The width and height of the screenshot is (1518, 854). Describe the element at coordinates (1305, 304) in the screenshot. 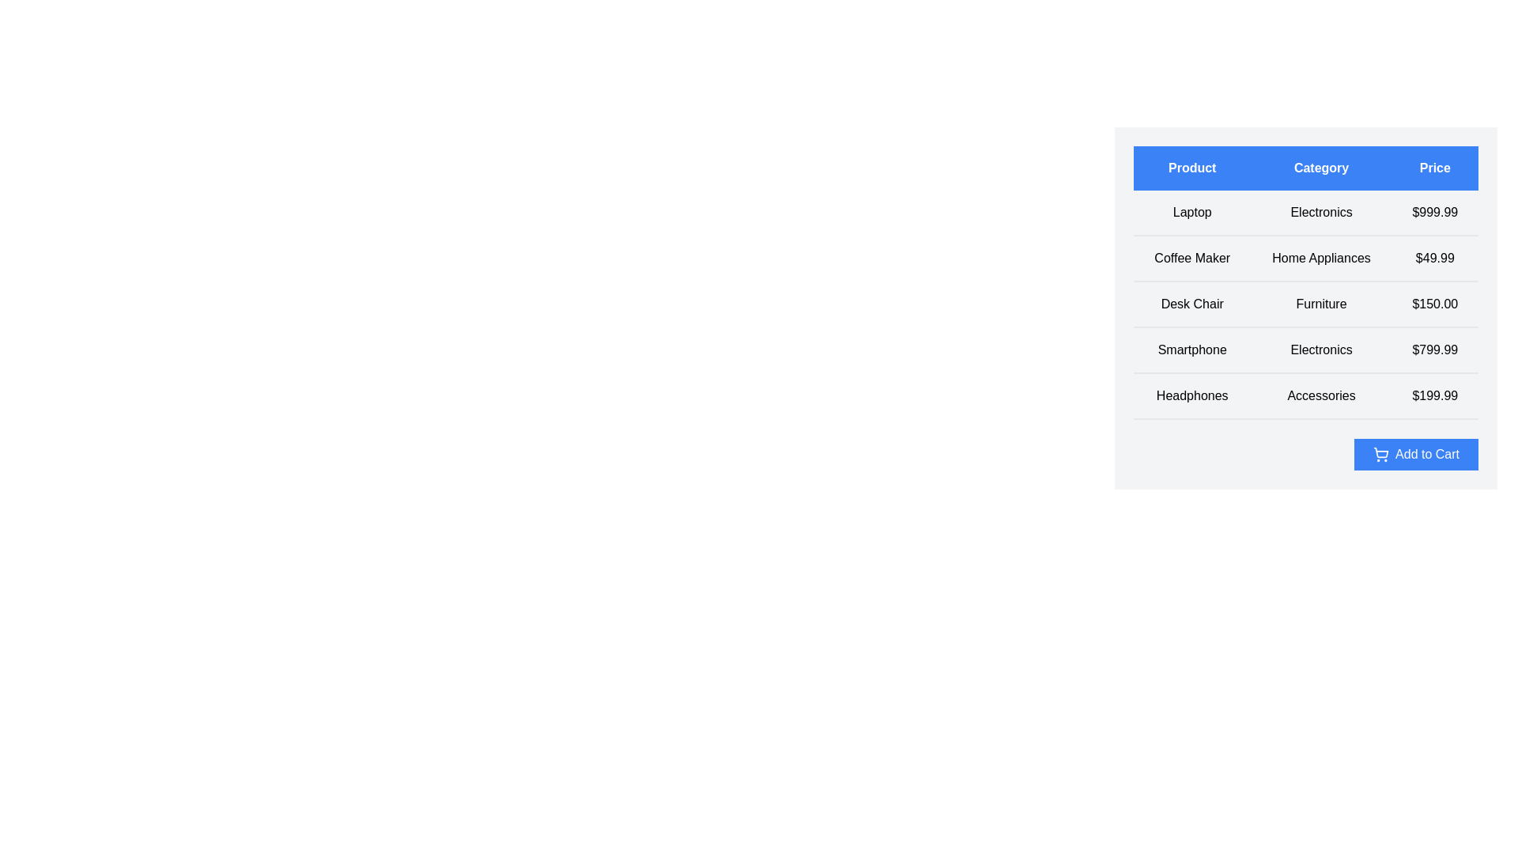

I see `the third row in the table displaying 'Desk Chair' in the first column, 'Furniture' in the second column, and '$150.00' in the third column` at that location.